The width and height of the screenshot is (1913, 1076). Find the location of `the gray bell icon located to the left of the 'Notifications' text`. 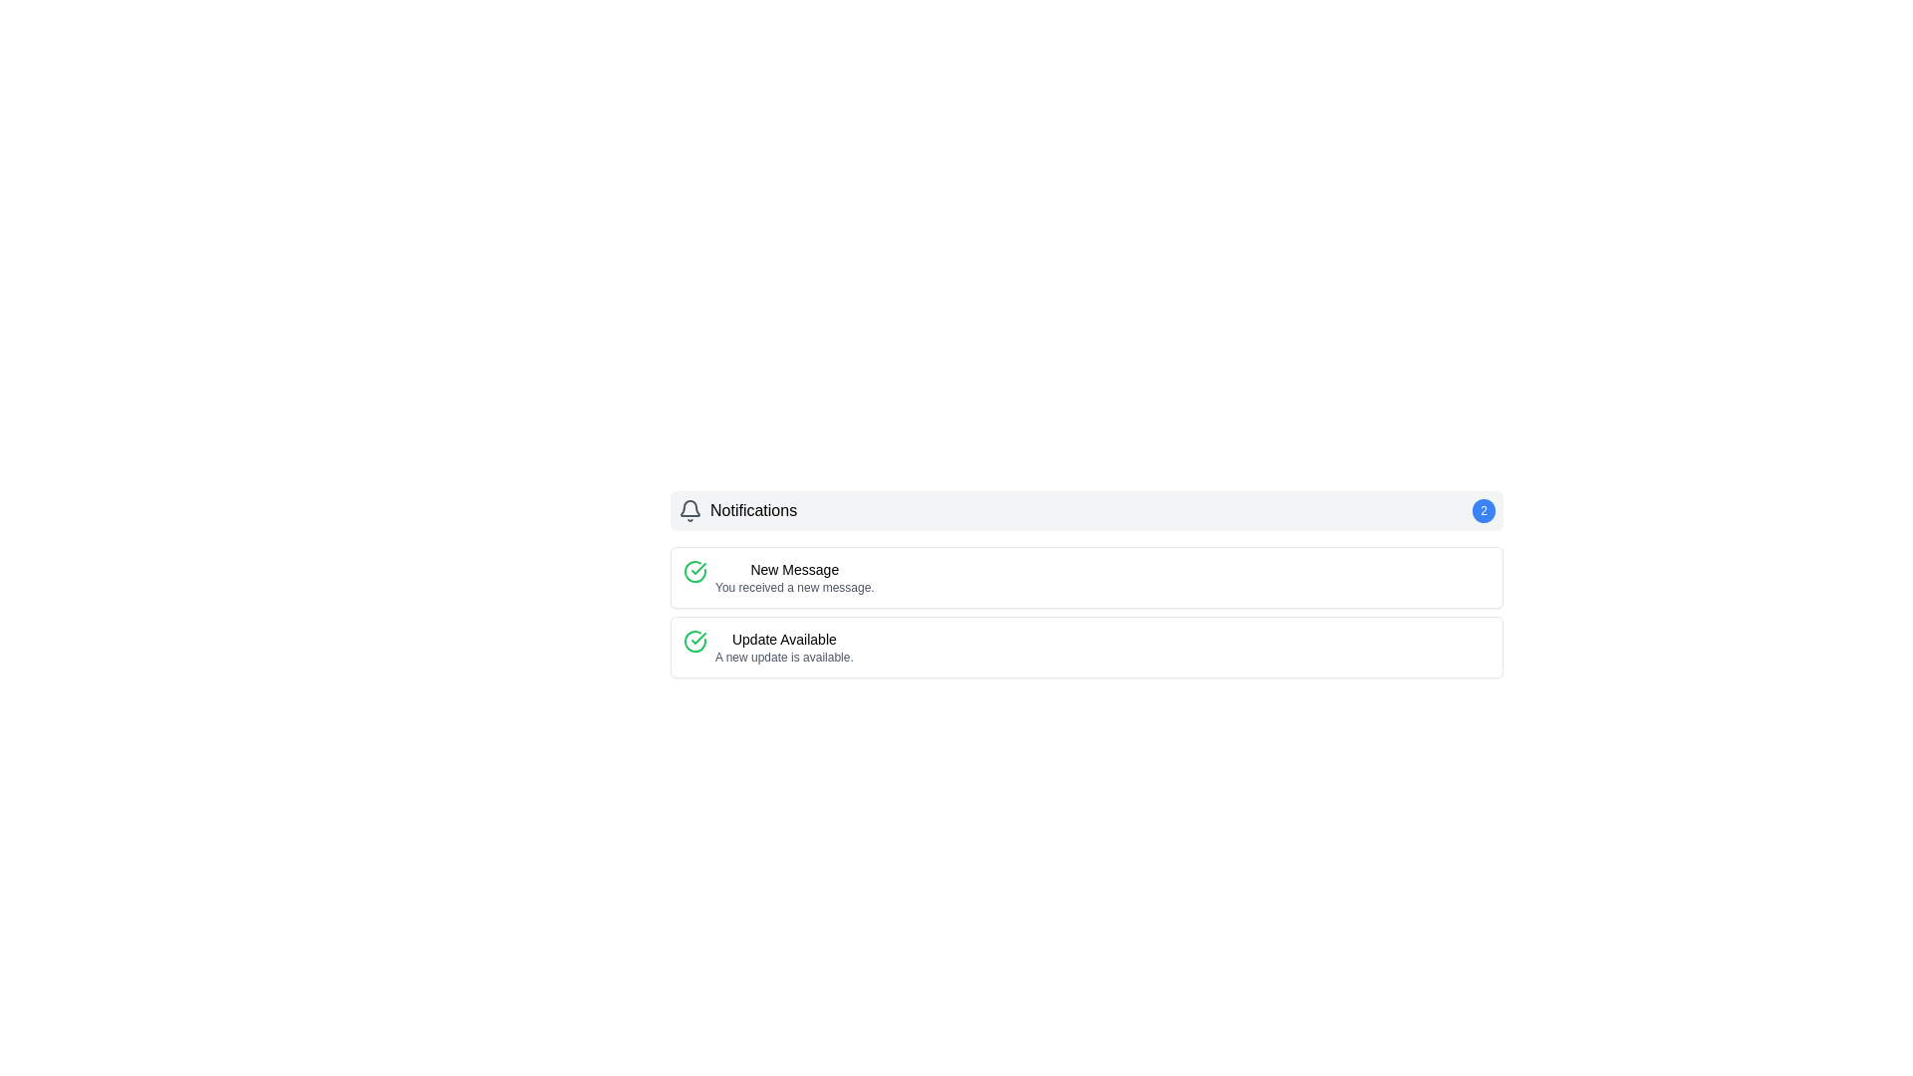

the gray bell icon located to the left of the 'Notifications' text is located at coordinates (689, 510).